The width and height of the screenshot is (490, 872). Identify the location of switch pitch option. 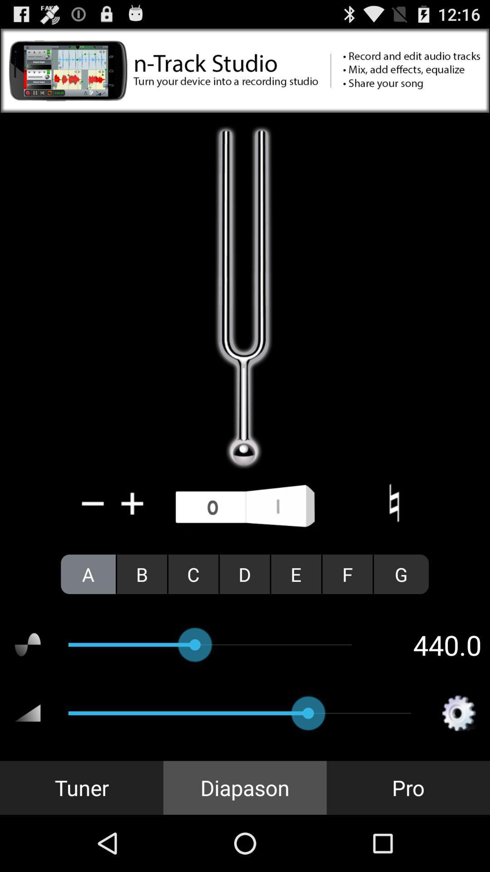
(245, 506).